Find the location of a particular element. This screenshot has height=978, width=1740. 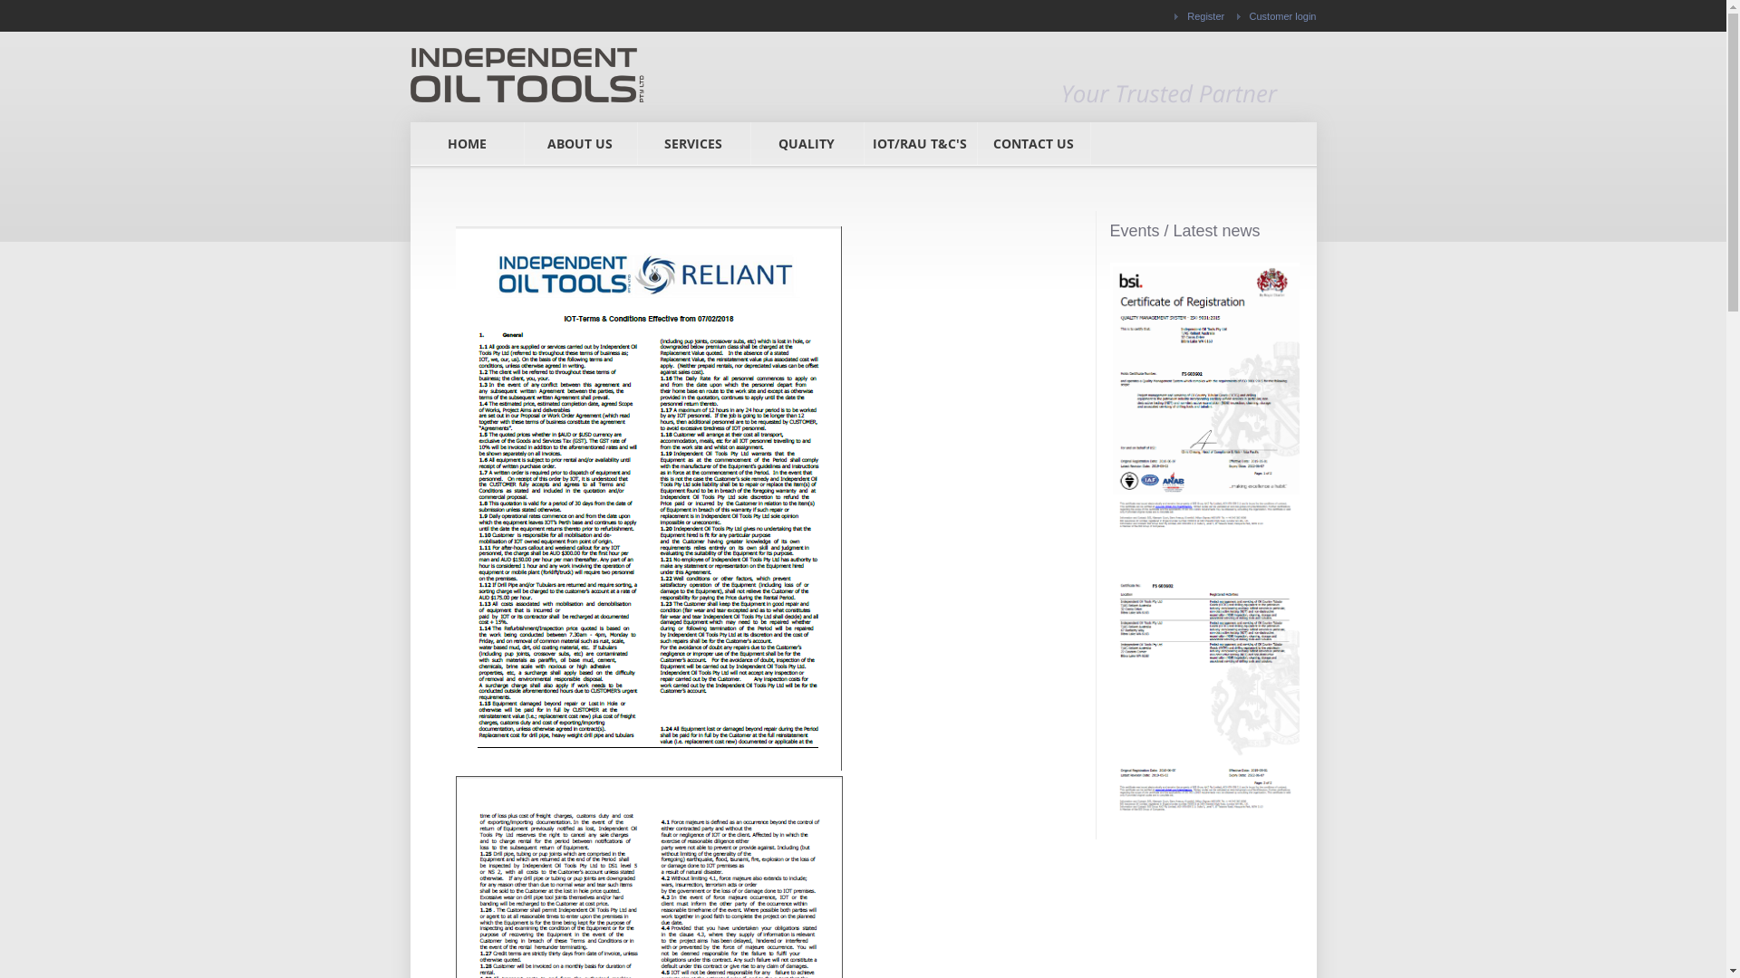

'SERVICES' is located at coordinates (691, 142).